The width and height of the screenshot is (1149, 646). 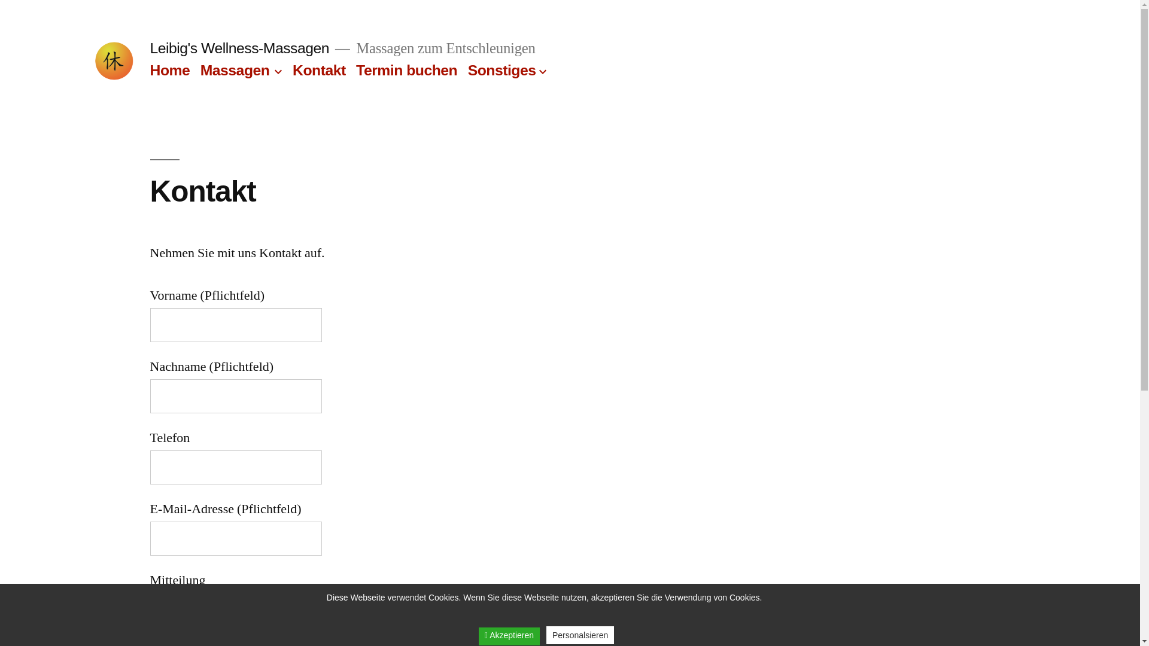 I want to click on 'Sonstiges', so click(x=467, y=70).